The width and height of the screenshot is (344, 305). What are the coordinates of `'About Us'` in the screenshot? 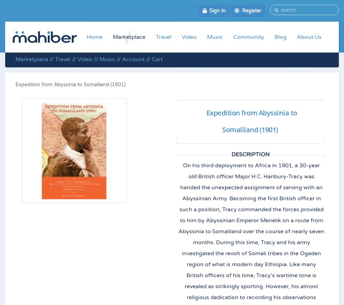 It's located at (309, 36).